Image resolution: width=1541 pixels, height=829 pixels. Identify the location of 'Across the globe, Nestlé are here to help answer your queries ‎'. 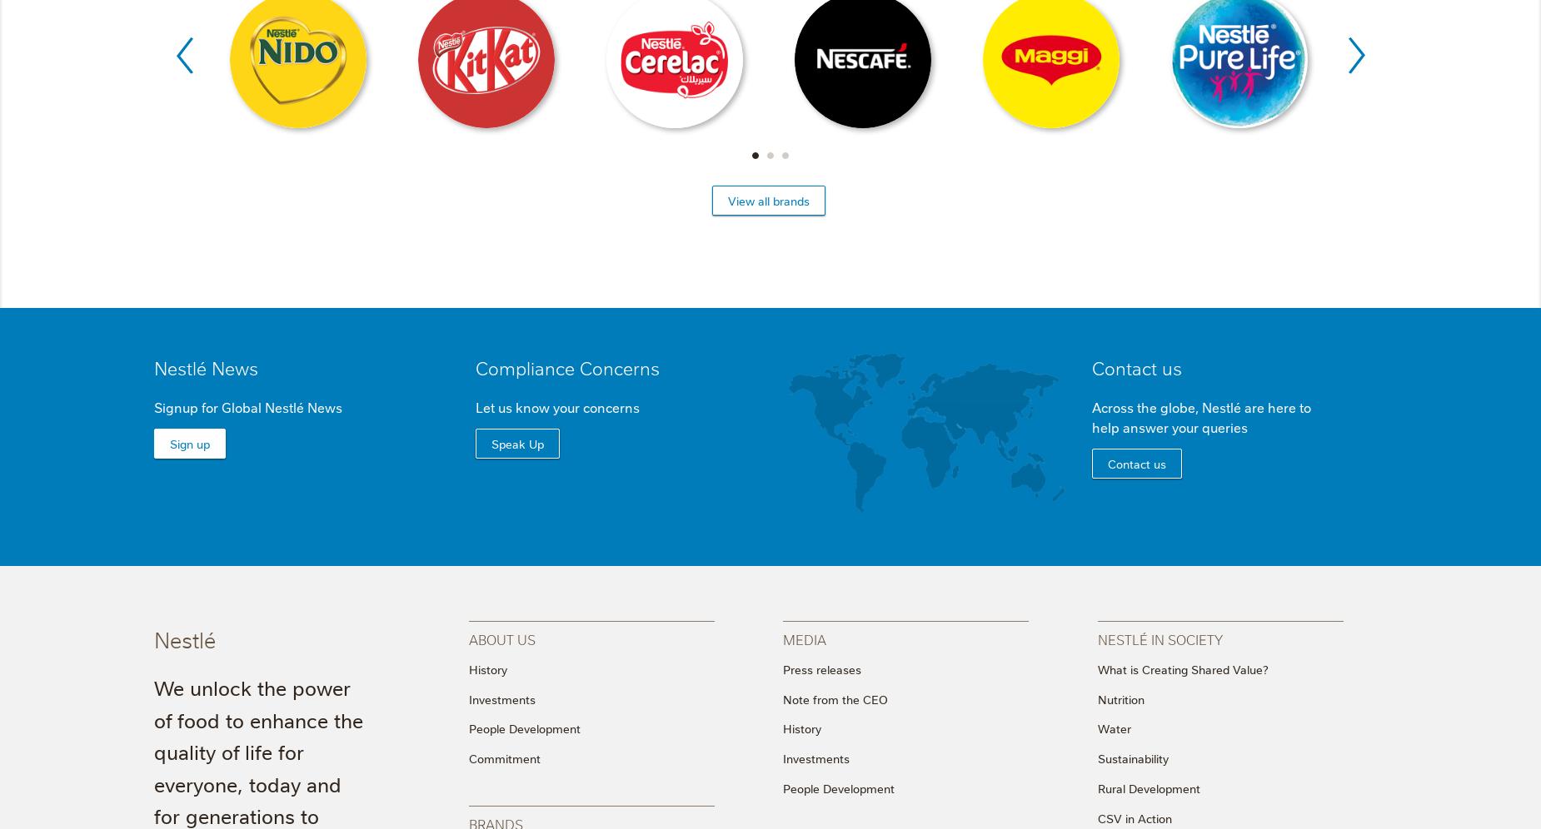
(1090, 415).